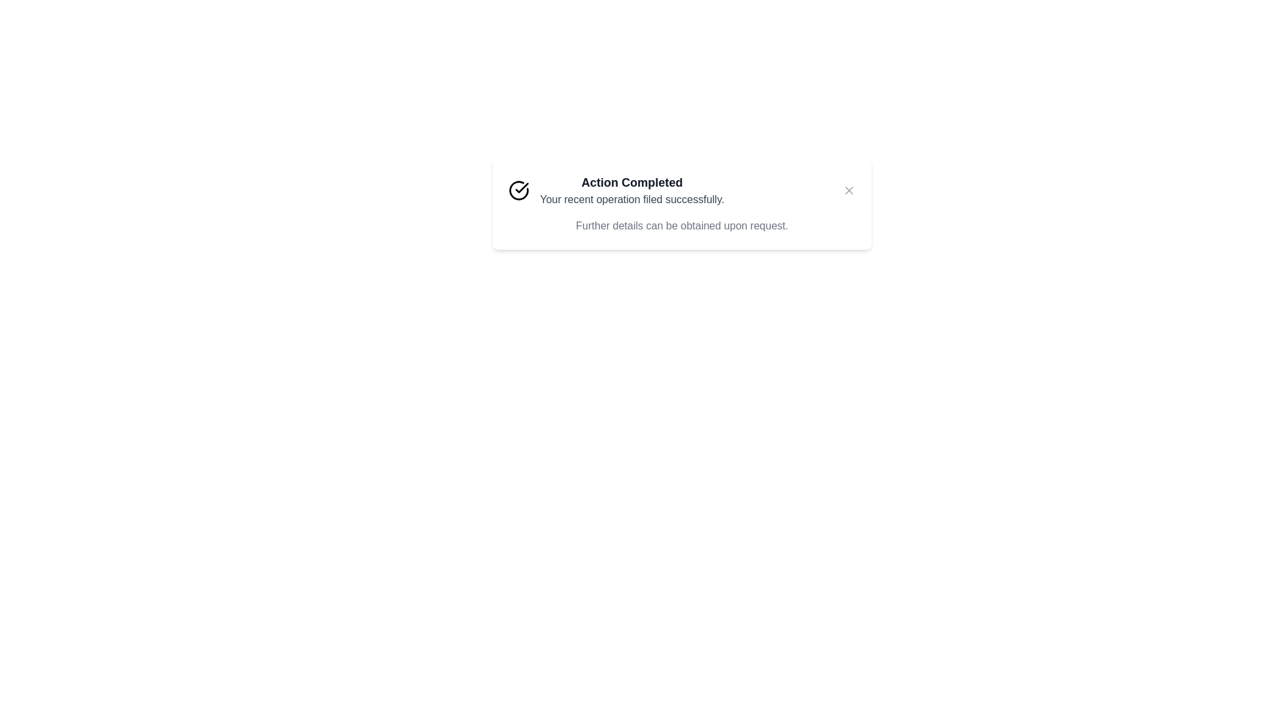 This screenshot has width=1263, height=710. Describe the element at coordinates (849, 190) in the screenshot. I see `the small 'X' icon in the upper-right corner of the notification card` at that location.